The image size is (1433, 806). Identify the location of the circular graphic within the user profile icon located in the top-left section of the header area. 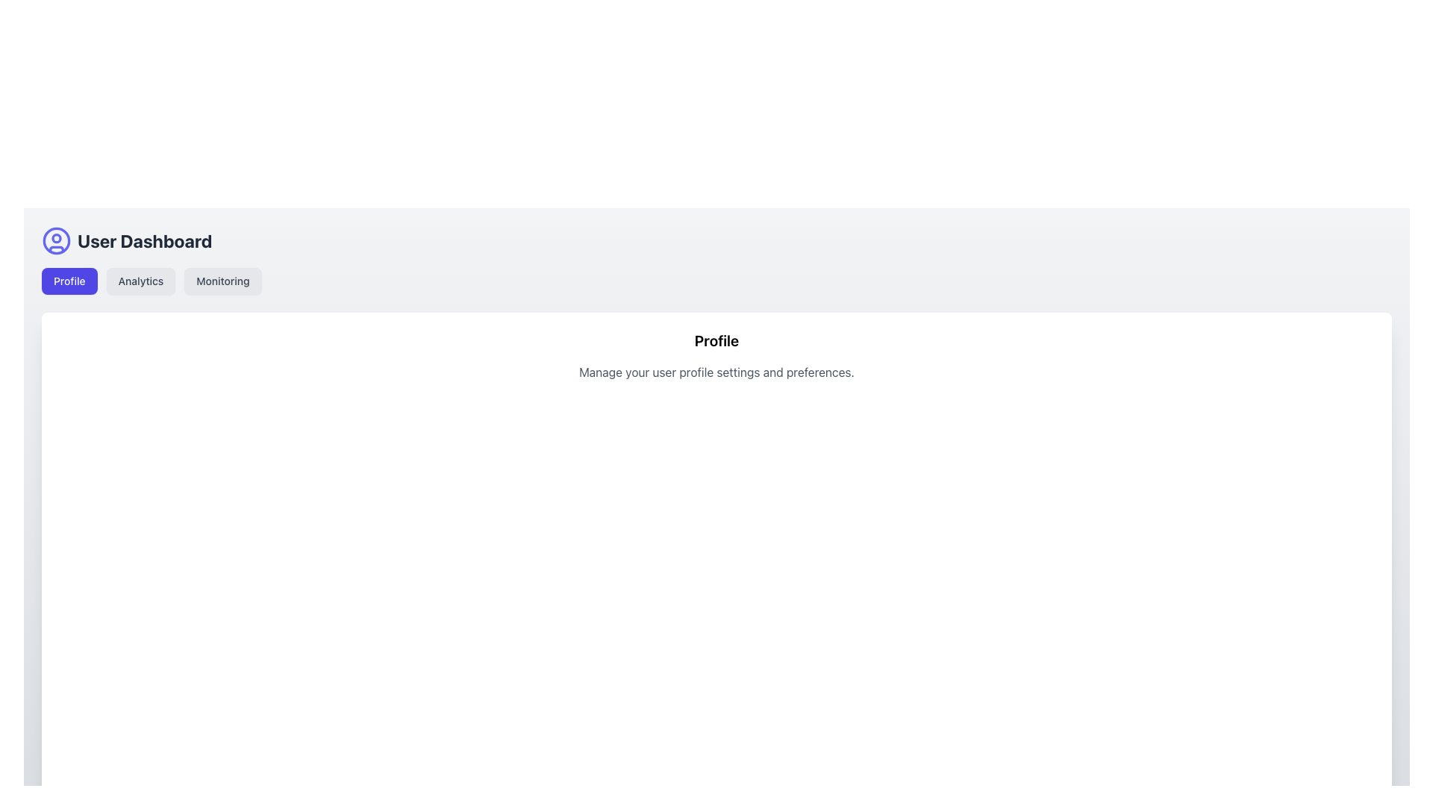
(57, 240).